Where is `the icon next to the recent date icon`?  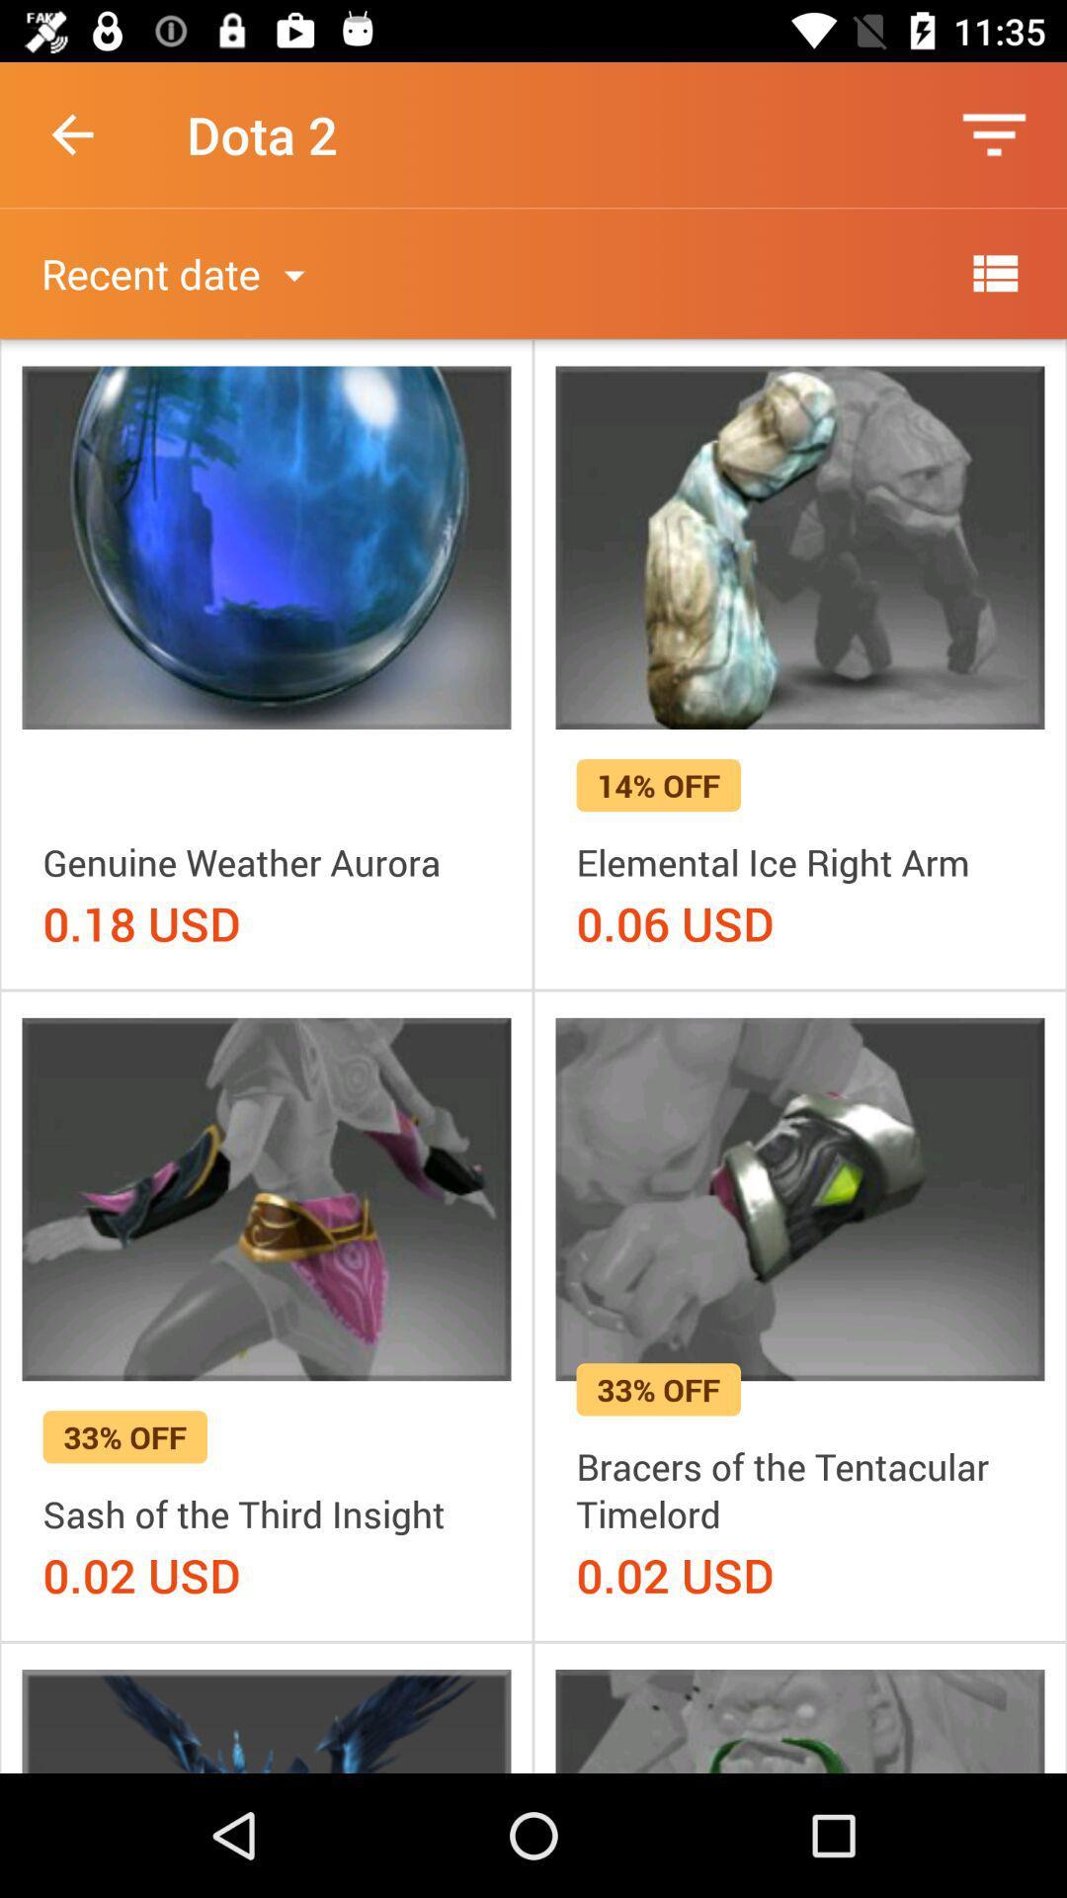
the icon next to the recent date icon is located at coordinates (994, 272).